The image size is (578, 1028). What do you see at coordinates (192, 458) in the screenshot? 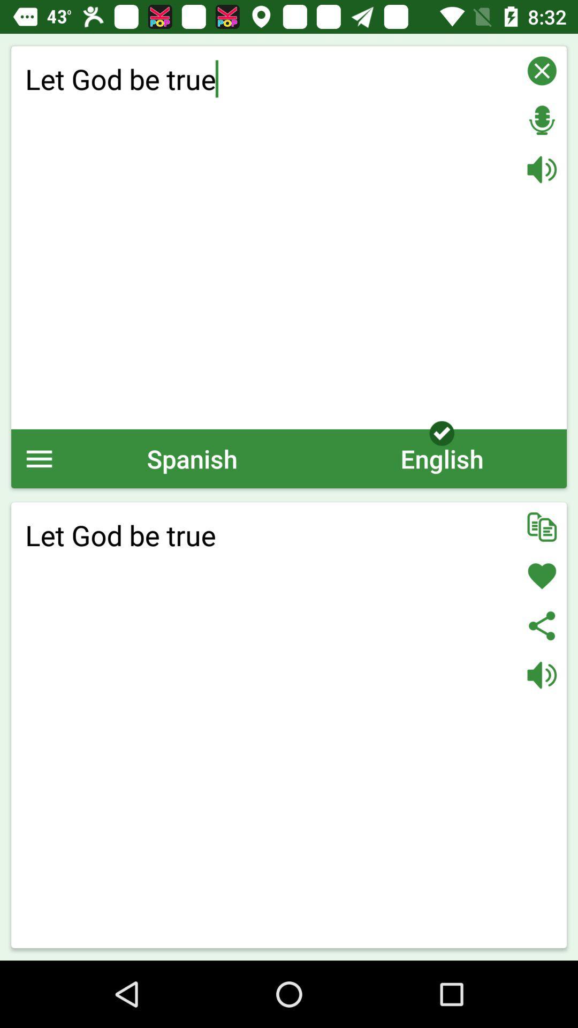
I see `the item next to english` at bounding box center [192, 458].